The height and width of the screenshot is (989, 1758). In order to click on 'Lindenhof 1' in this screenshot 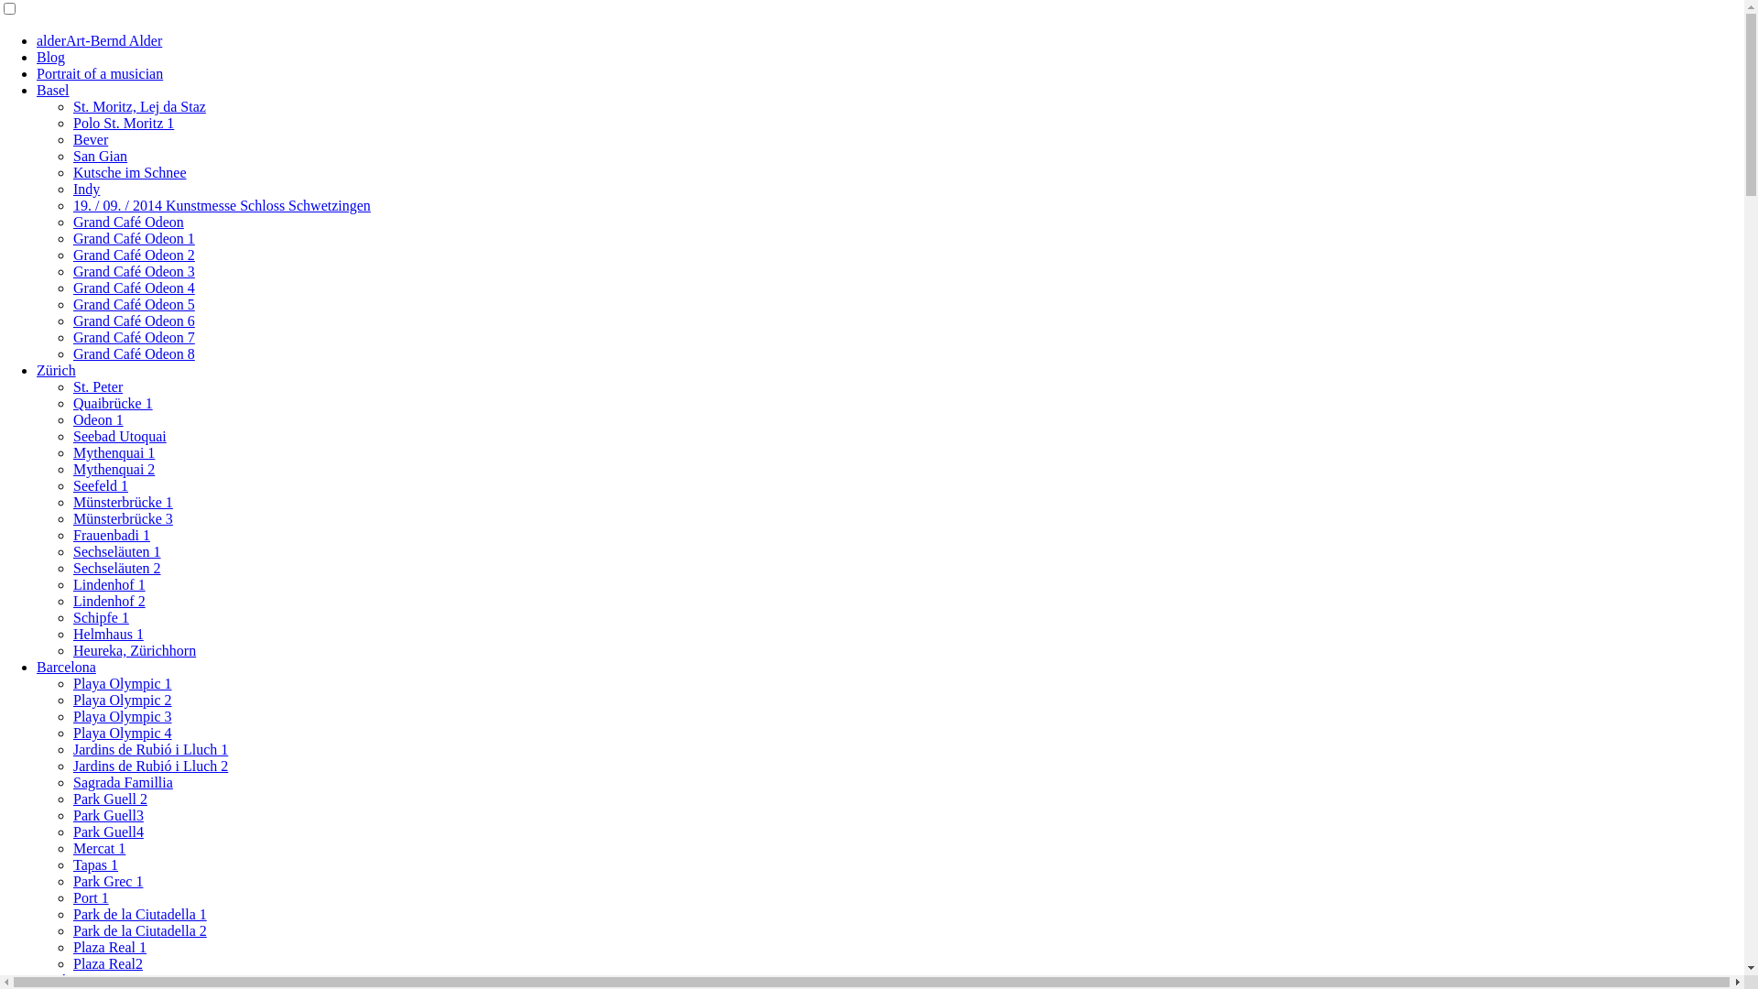, I will do `click(73, 584)`.